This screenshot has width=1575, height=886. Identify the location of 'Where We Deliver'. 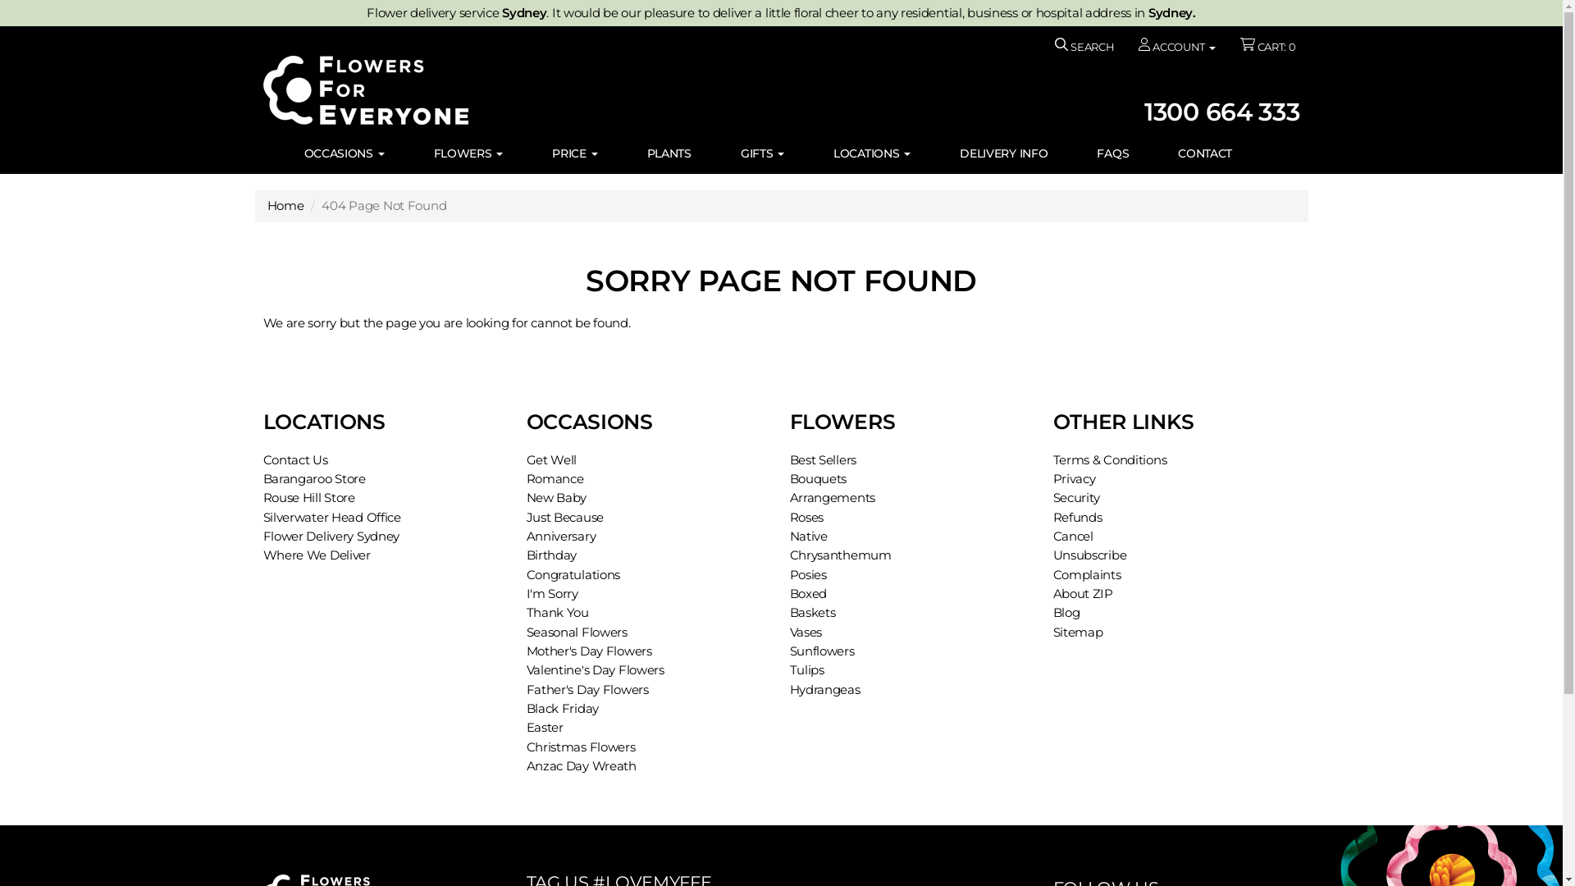
(316, 555).